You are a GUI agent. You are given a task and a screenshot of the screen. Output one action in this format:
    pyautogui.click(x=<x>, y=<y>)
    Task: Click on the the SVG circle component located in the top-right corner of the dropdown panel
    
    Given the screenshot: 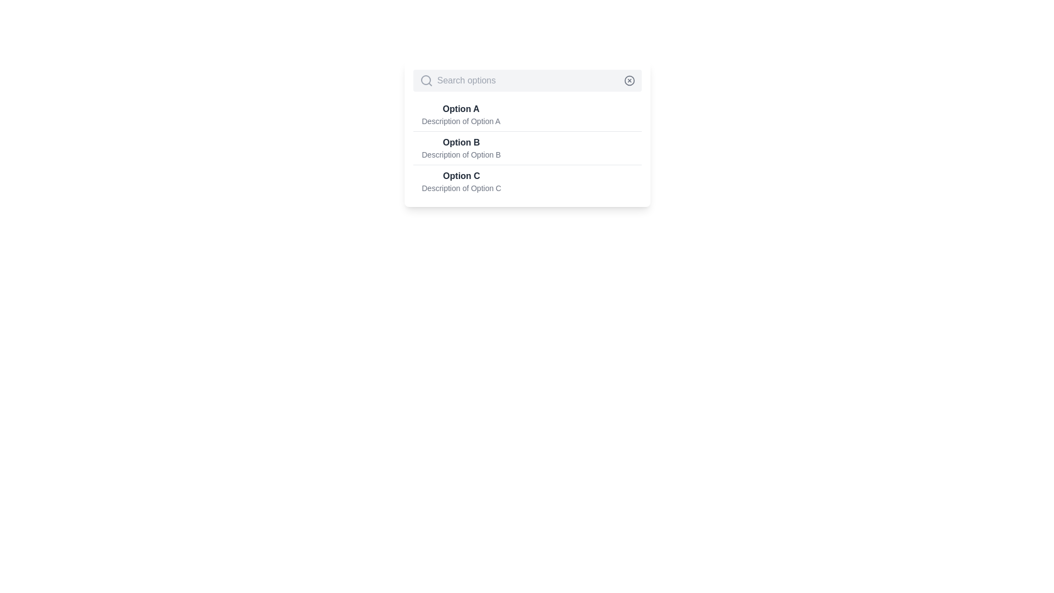 What is the action you would take?
    pyautogui.click(x=629, y=80)
    